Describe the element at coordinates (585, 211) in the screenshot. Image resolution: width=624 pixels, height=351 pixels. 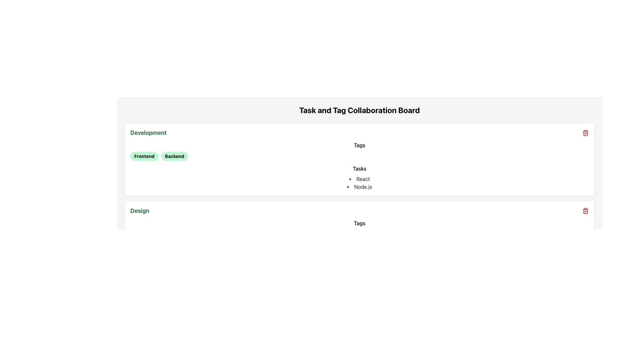
I see `the interactive delete icon located to the far right of the 'Design' section` at that location.